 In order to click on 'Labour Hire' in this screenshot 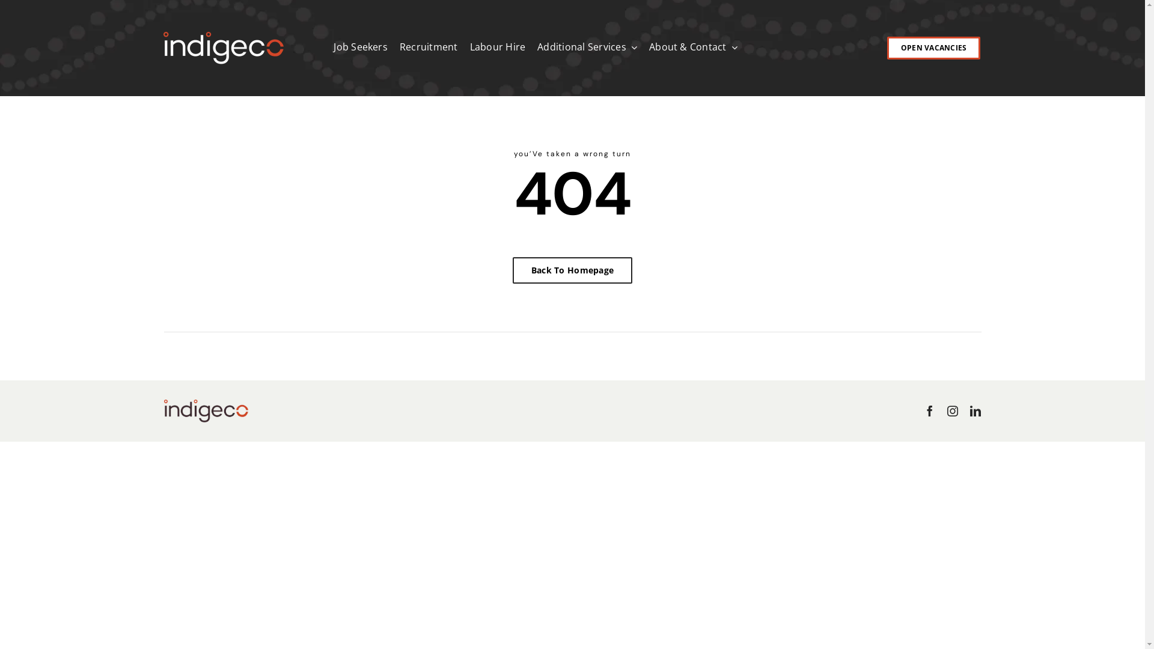, I will do `click(469, 47)`.